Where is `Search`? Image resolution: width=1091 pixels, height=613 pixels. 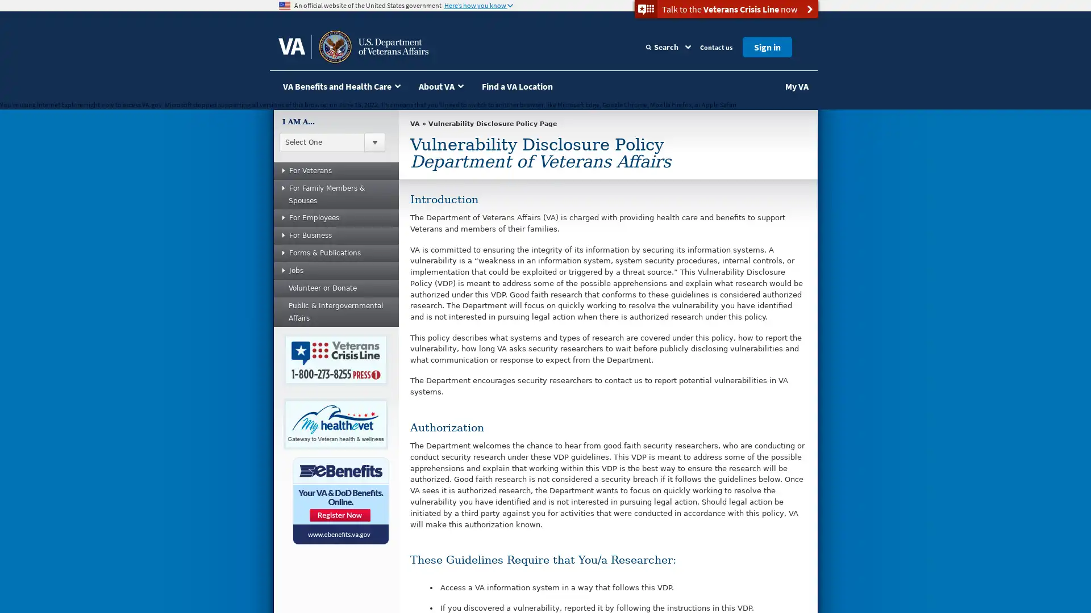
Search is located at coordinates (667, 46).